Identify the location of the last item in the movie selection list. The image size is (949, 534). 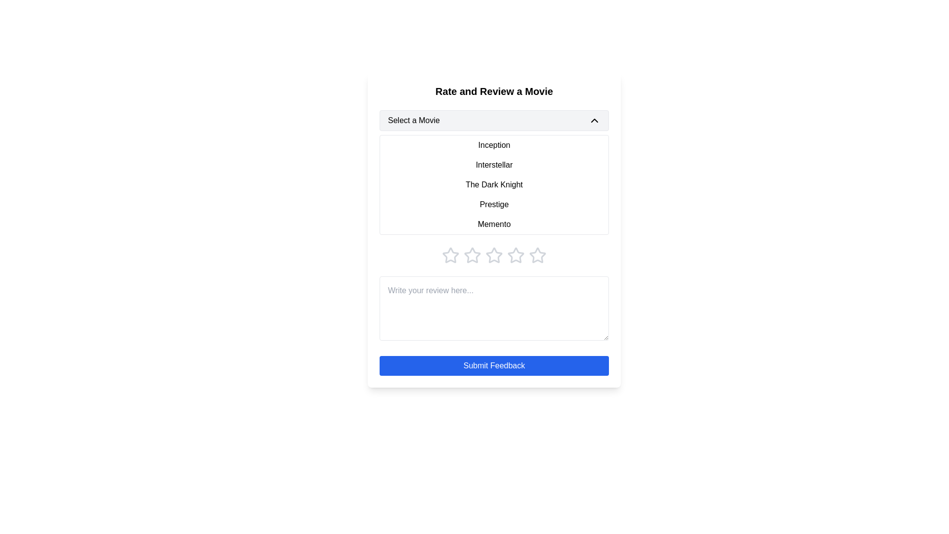
(494, 224).